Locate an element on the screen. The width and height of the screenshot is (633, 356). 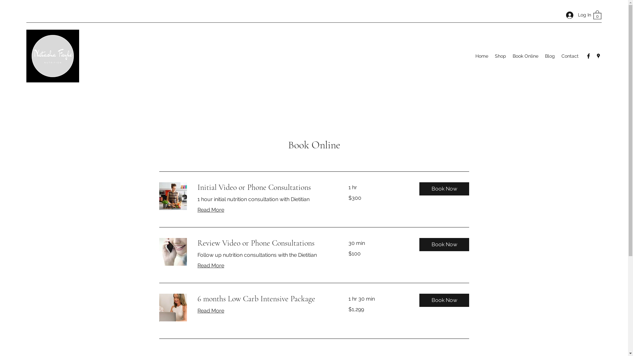
'Blog' is located at coordinates (550, 55).